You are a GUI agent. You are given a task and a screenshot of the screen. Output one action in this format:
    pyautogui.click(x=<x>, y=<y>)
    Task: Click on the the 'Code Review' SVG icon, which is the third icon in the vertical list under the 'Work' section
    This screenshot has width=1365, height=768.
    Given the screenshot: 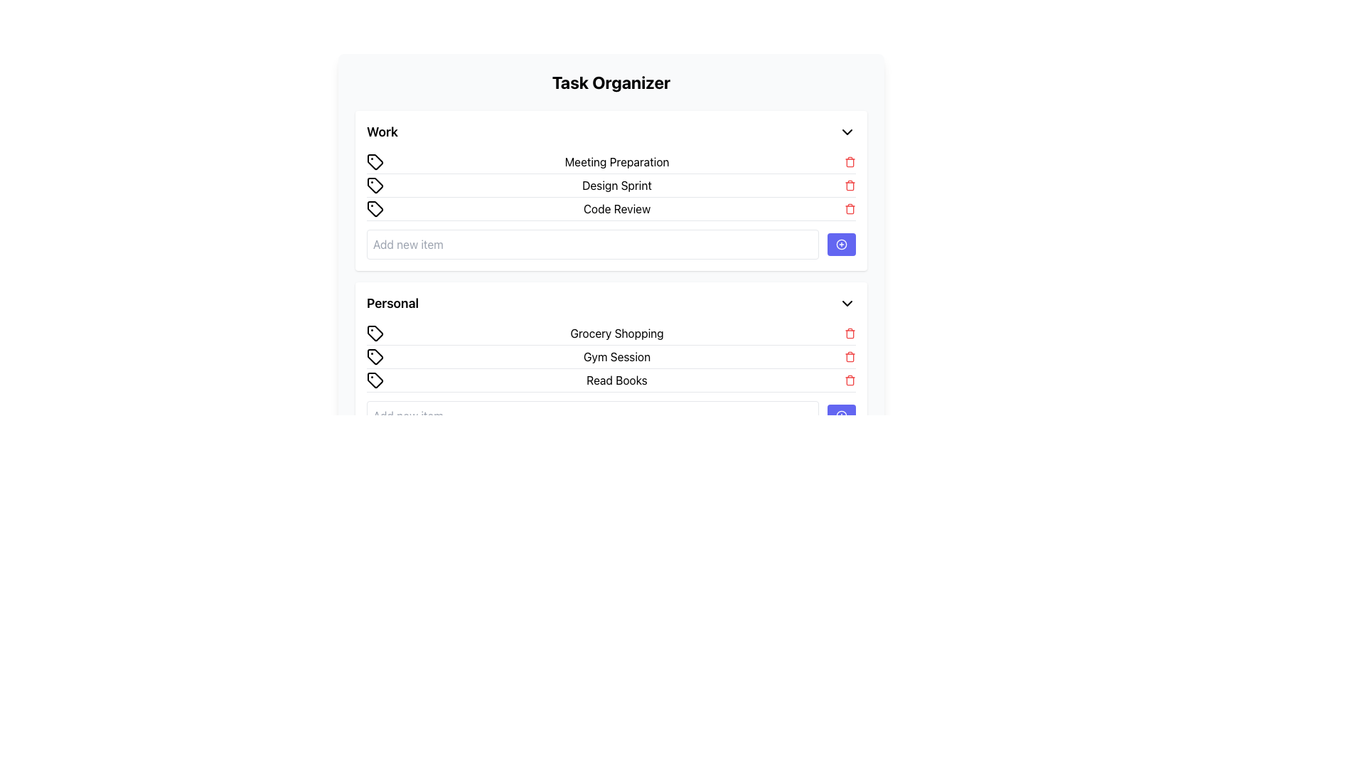 What is the action you would take?
    pyautogui.click(x=375, y=208)
    